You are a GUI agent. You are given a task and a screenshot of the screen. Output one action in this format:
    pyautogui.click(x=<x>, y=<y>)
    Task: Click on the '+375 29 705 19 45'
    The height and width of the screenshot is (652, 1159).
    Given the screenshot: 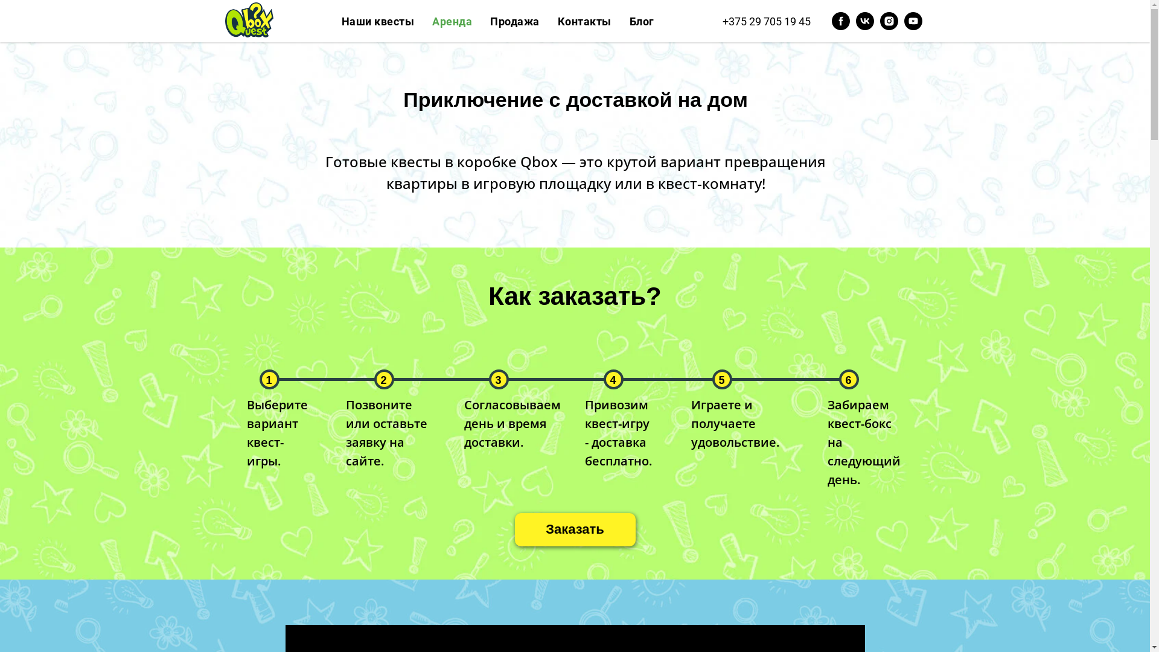 What is the action you would take?
    pyautogui.click(x=765, y=21)
    